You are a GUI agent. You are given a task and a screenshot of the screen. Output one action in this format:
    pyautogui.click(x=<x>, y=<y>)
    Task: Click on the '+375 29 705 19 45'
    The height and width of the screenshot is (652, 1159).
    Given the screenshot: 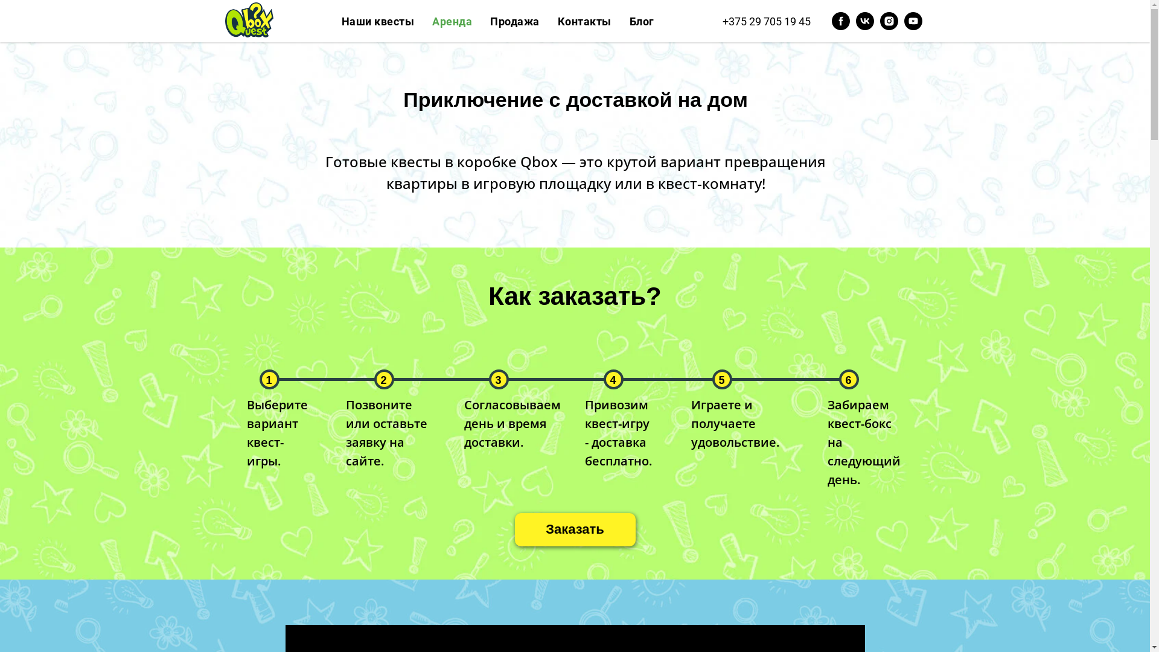 What is the action you would take?
    pyautogui.click(x=765, y=21)
    